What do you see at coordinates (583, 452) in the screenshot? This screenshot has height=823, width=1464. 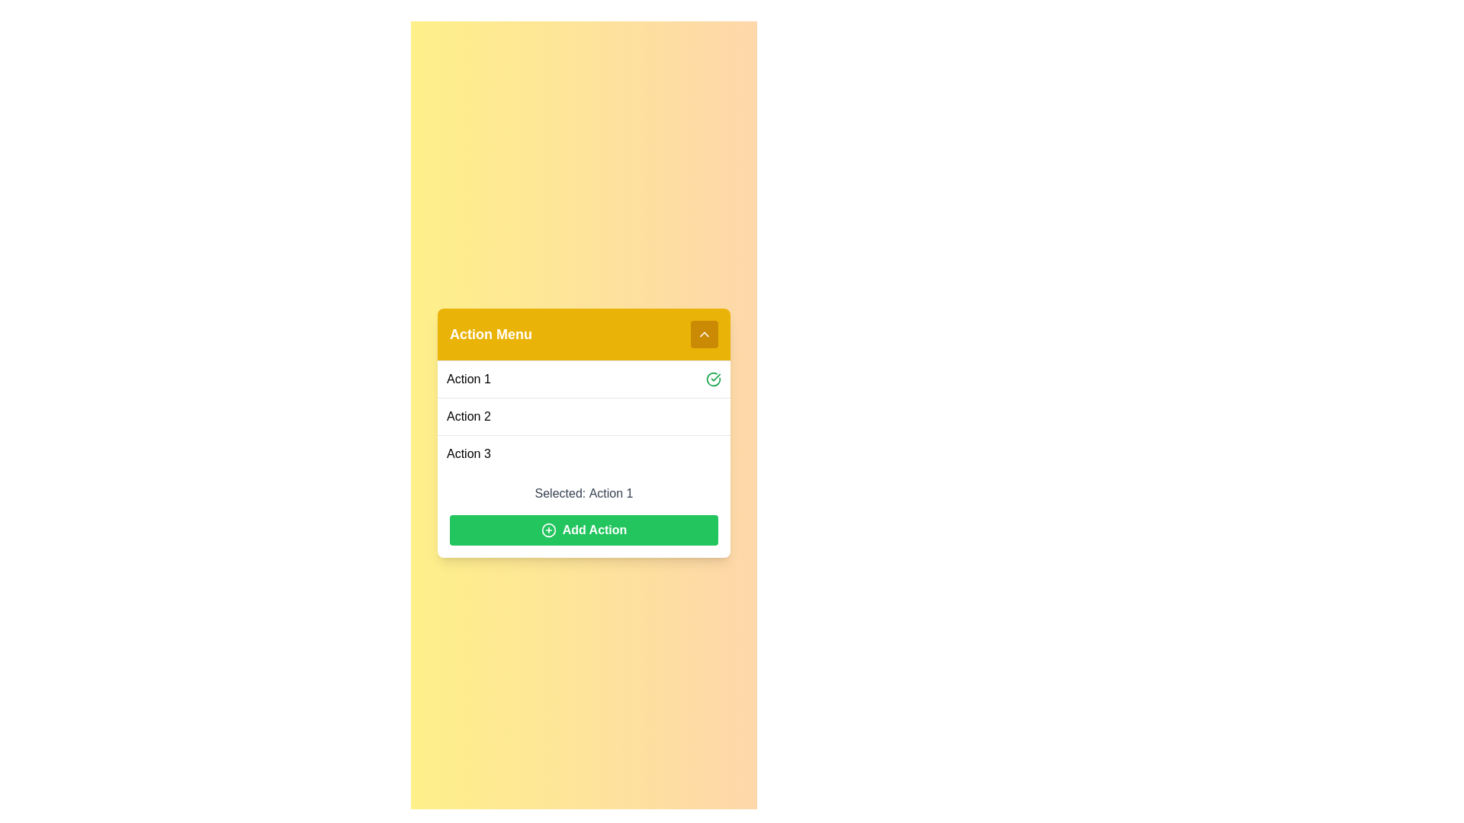 I see `the third item in the vertically stacked list` at bounding box center [583, 452].